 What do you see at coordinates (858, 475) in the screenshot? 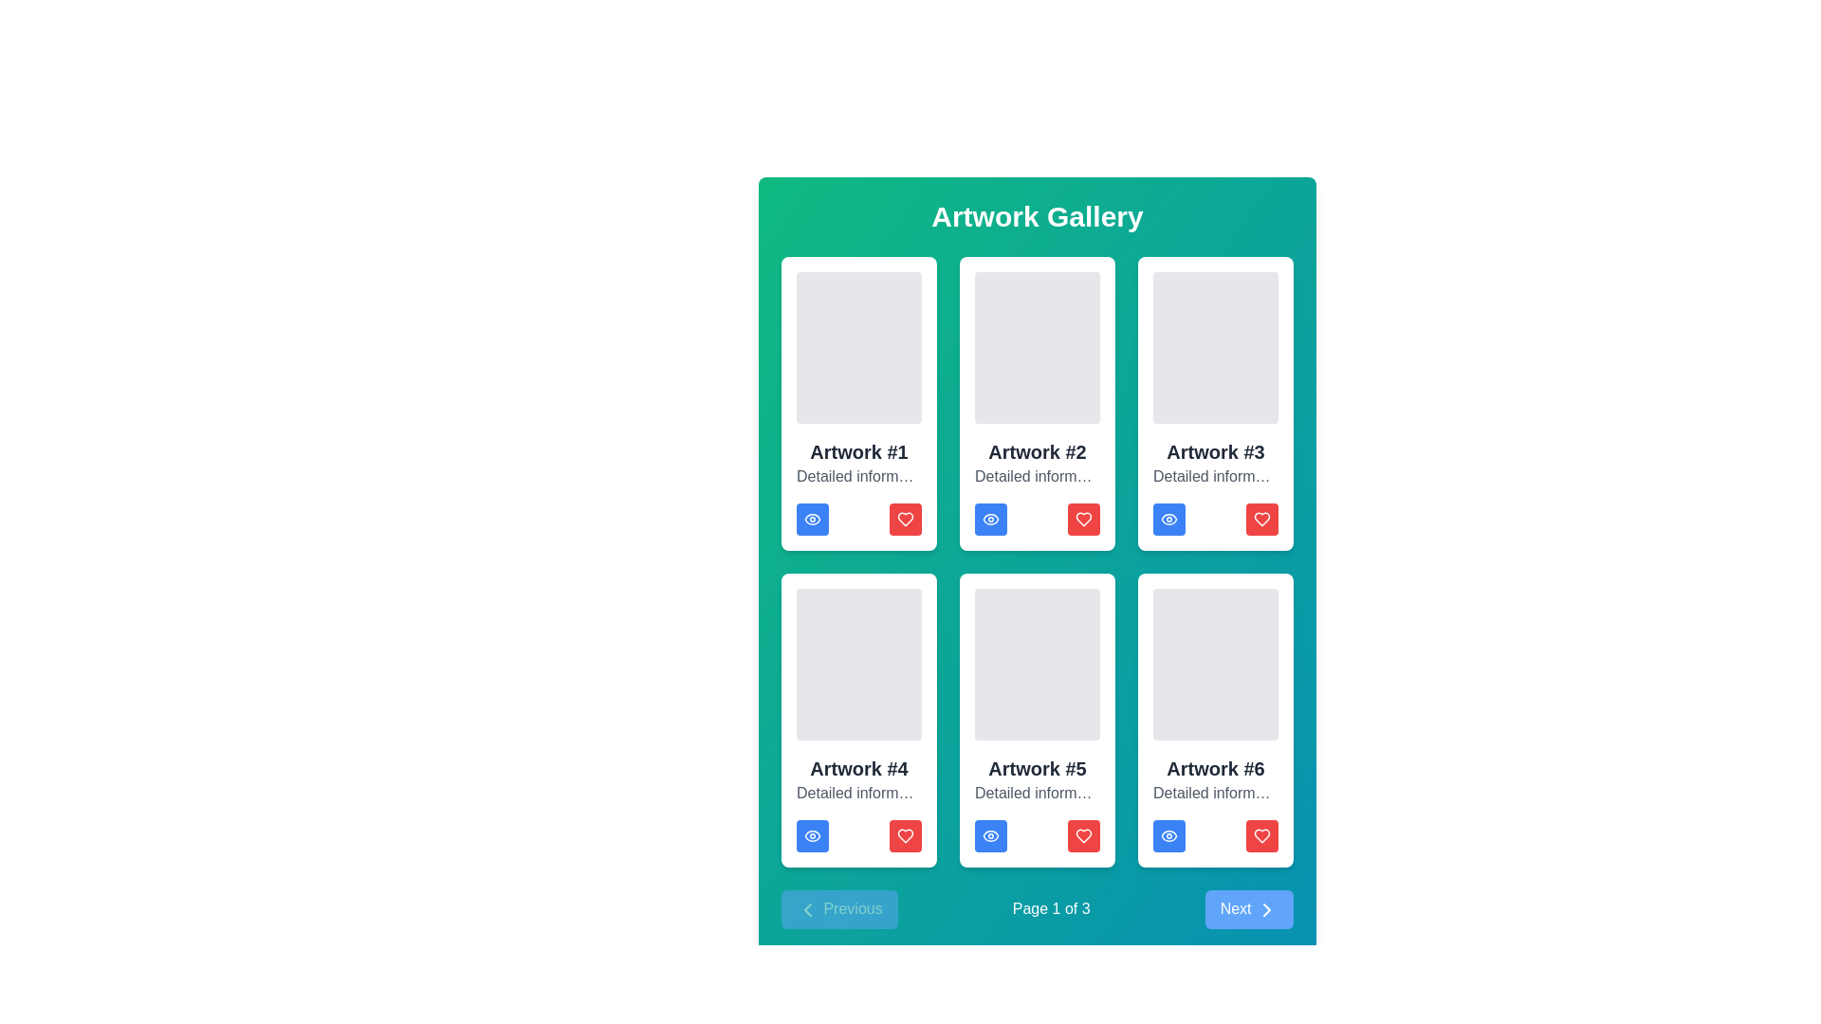
I see `the label that provides a short description summary for the artwork item 'Artwork #1', located within the first card in the grid layout of the artwork gallery, just below the title 'Artwork #1' and above the control buttons` at bounding box center [858, 475].